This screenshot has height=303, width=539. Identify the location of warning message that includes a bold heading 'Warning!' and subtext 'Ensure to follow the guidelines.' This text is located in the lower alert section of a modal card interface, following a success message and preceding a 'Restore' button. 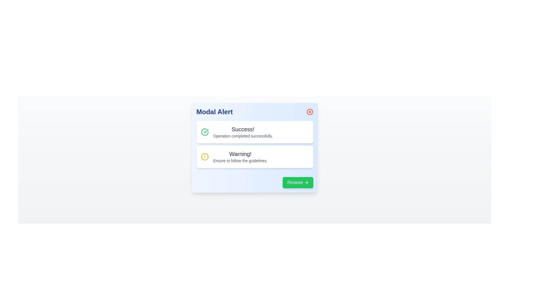
(240, 157).